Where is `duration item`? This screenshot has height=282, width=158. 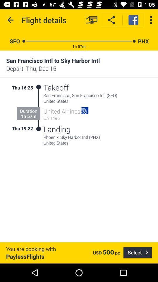 duration item is located at coordinates (28, 110).